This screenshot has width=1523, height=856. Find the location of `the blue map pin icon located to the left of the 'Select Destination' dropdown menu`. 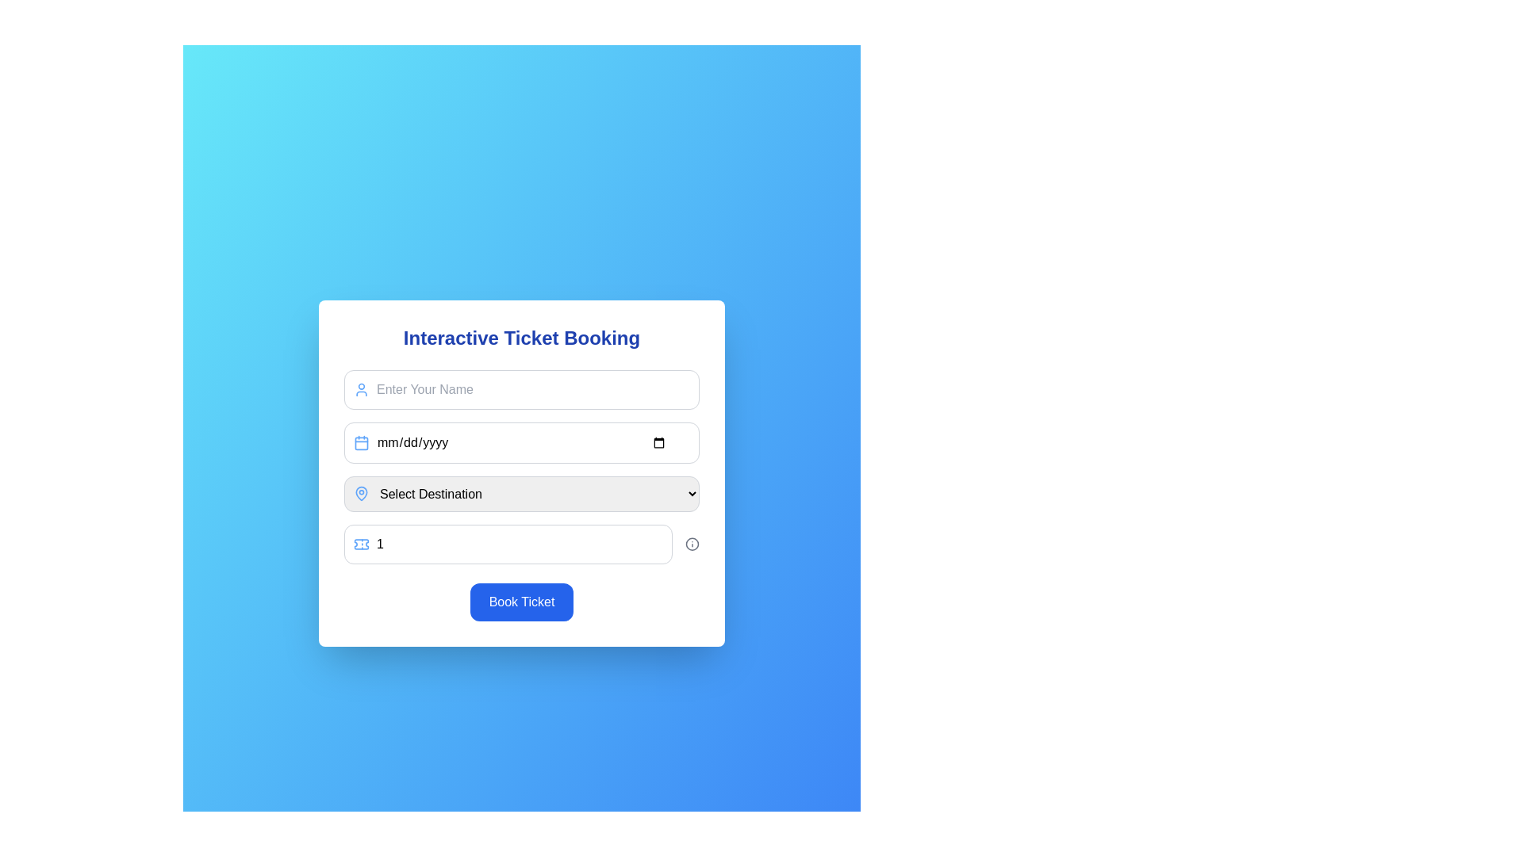

the blue map pin icon located to the left of the 'Select Destination' dropdown menu is located at coordinates (361, 493).